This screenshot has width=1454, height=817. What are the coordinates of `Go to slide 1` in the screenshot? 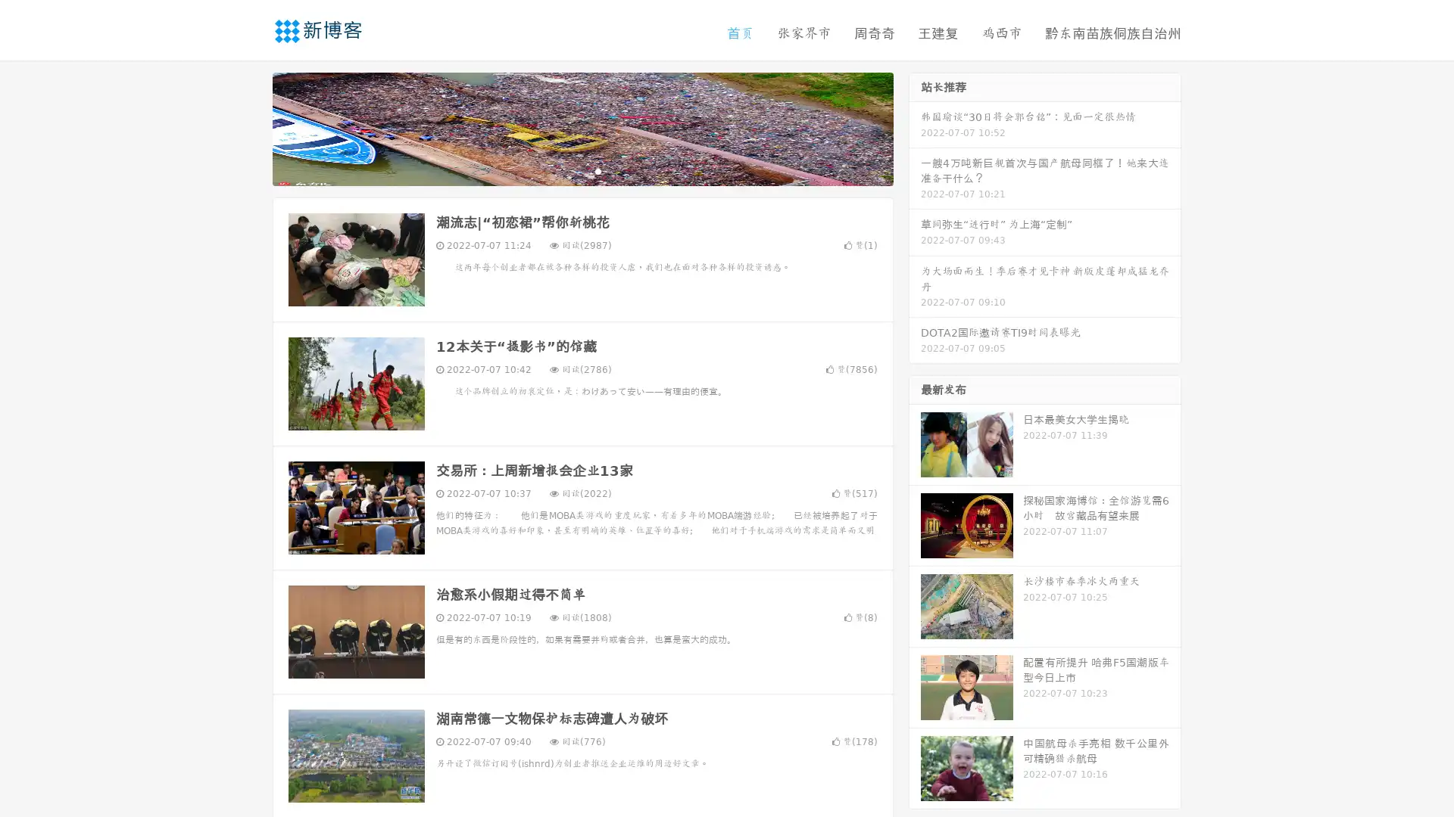 It's located at (566, 170).